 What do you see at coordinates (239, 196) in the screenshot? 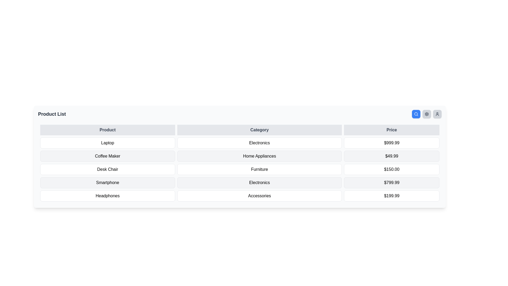
I see `the last row` at bounding box center [239, 196].